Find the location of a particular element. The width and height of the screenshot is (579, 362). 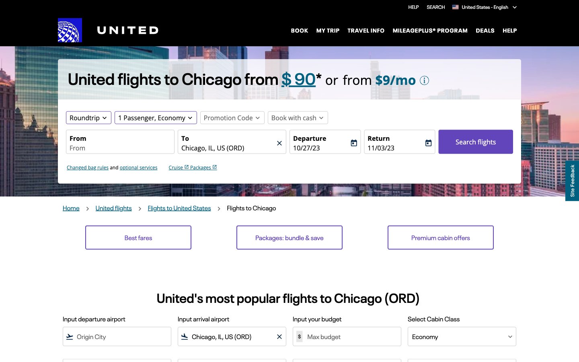

my journey details is located at coordinates (328, 29).